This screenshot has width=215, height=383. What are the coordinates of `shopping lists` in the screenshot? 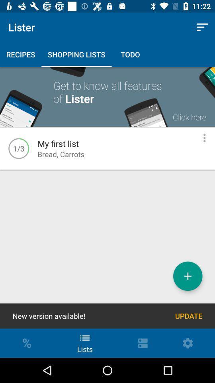 It's located at (188, 276).